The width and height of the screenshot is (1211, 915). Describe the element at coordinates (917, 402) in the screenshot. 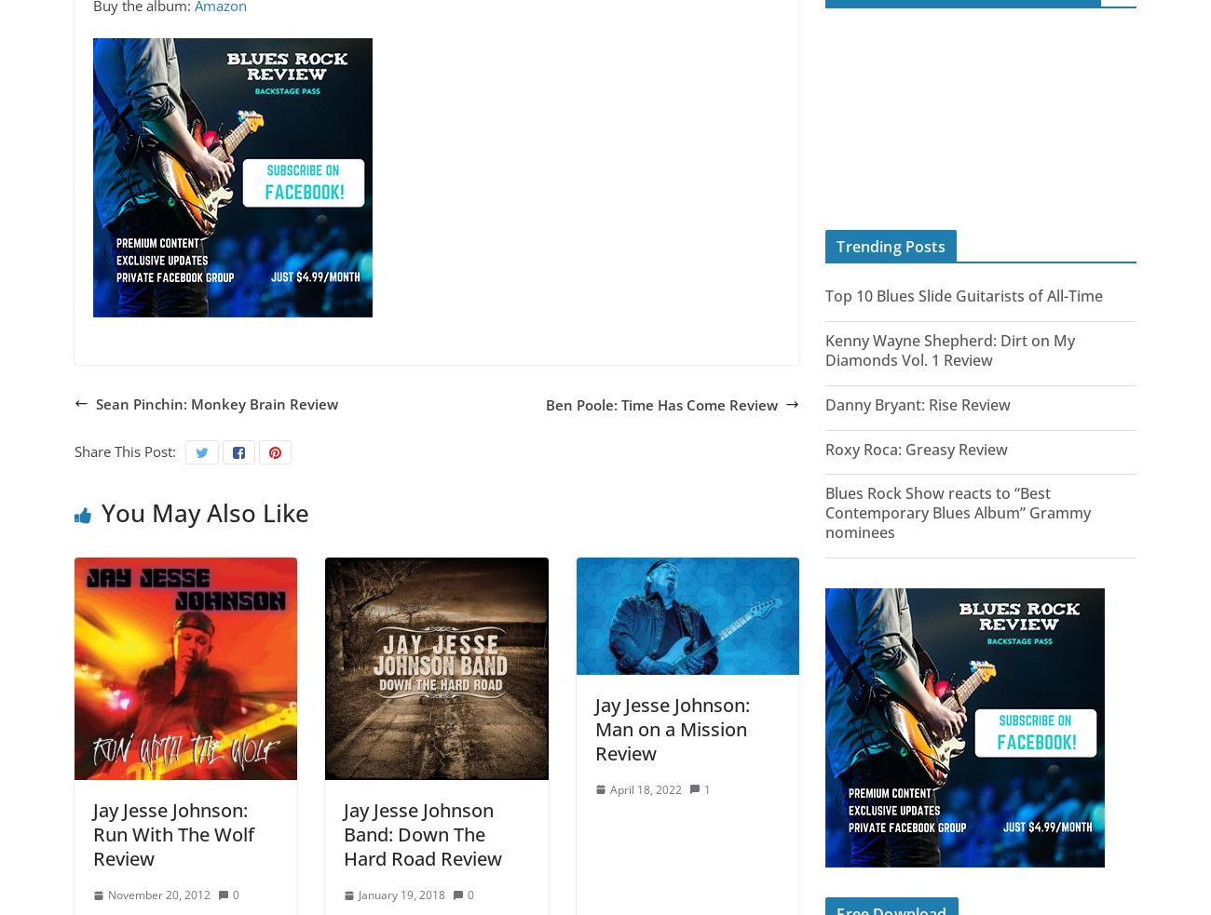

I see `'Danny Bryant: Rise Review'` at that location.